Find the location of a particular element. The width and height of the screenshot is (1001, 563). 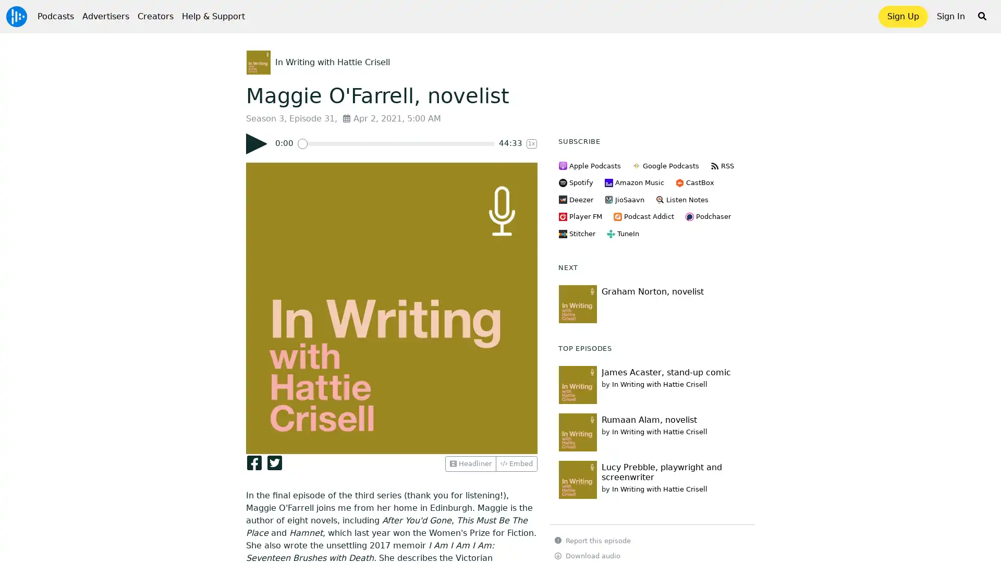

Report this episode is located at coordinates (593, 540).